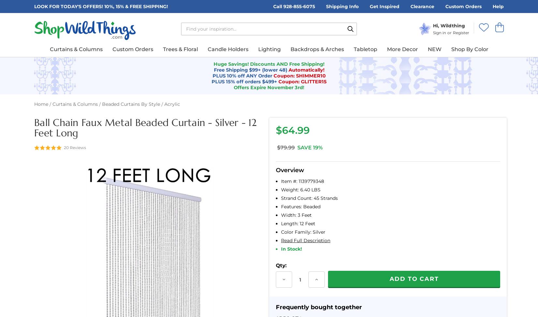 The height and width of the screenshot is (317, 538). I want to click on 'Frequently bought together', so click(319, 307).